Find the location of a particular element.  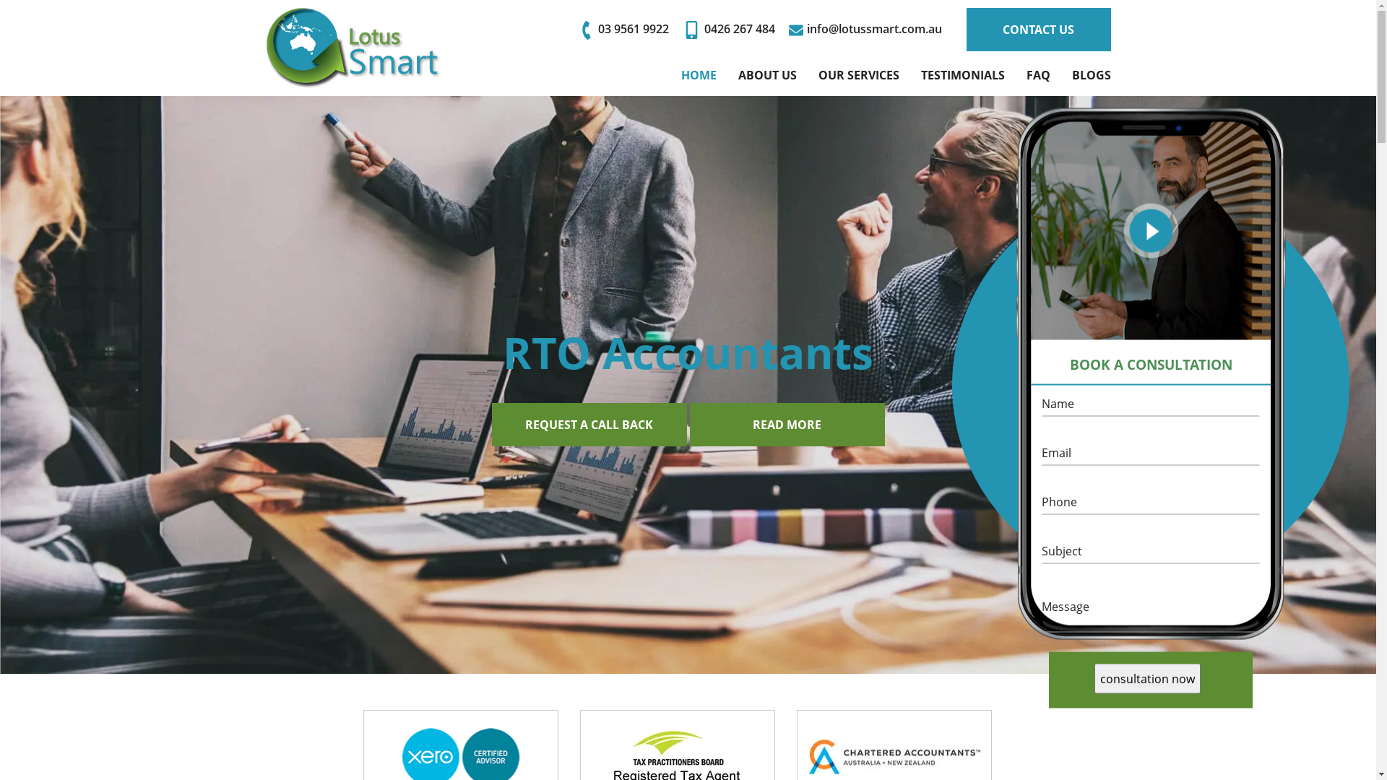

'READ MORE' is located at coordinates (786, 453).